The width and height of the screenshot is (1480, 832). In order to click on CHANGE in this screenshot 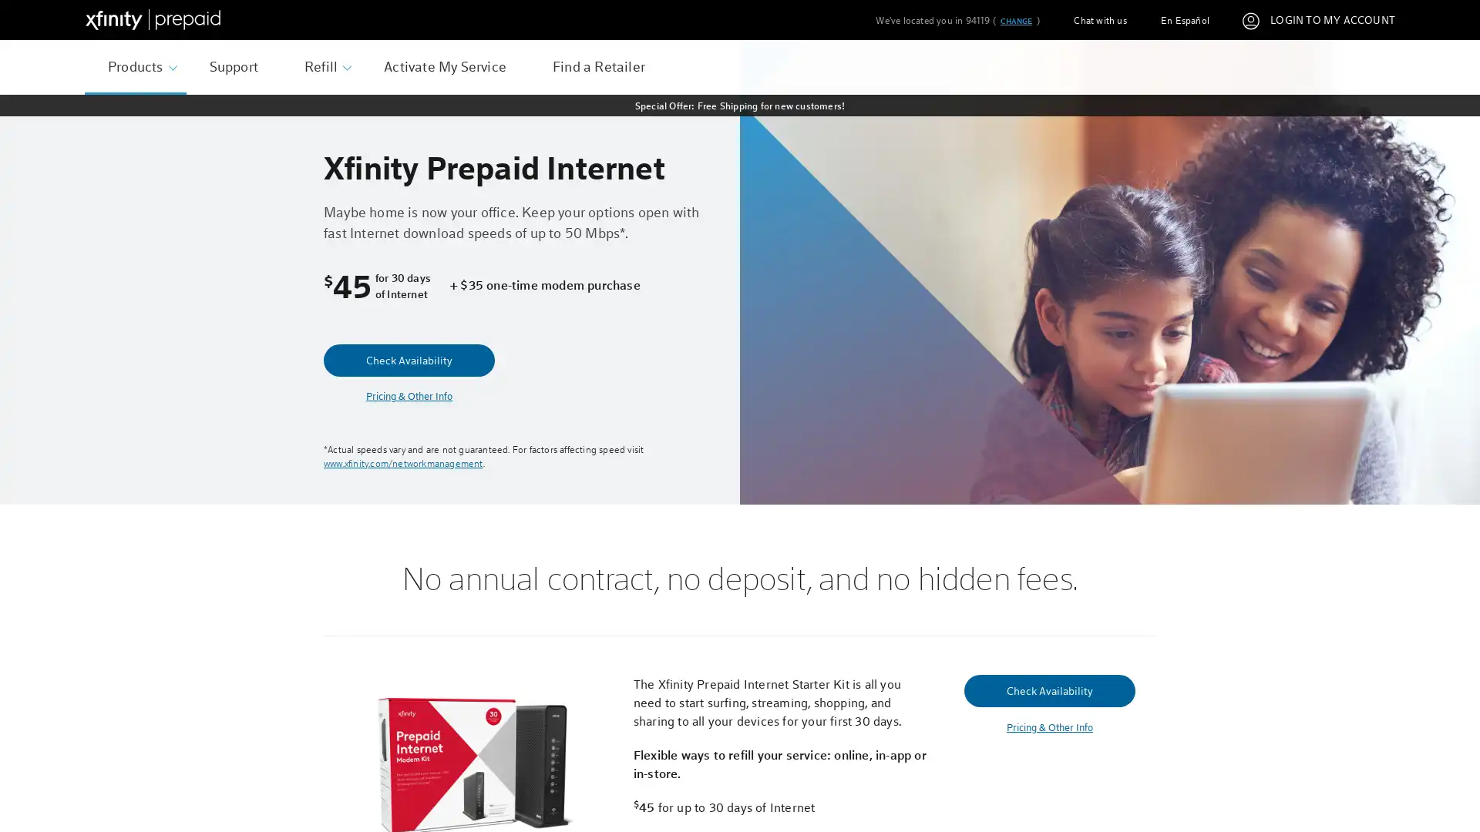, I will do `click(1015, 21)`.